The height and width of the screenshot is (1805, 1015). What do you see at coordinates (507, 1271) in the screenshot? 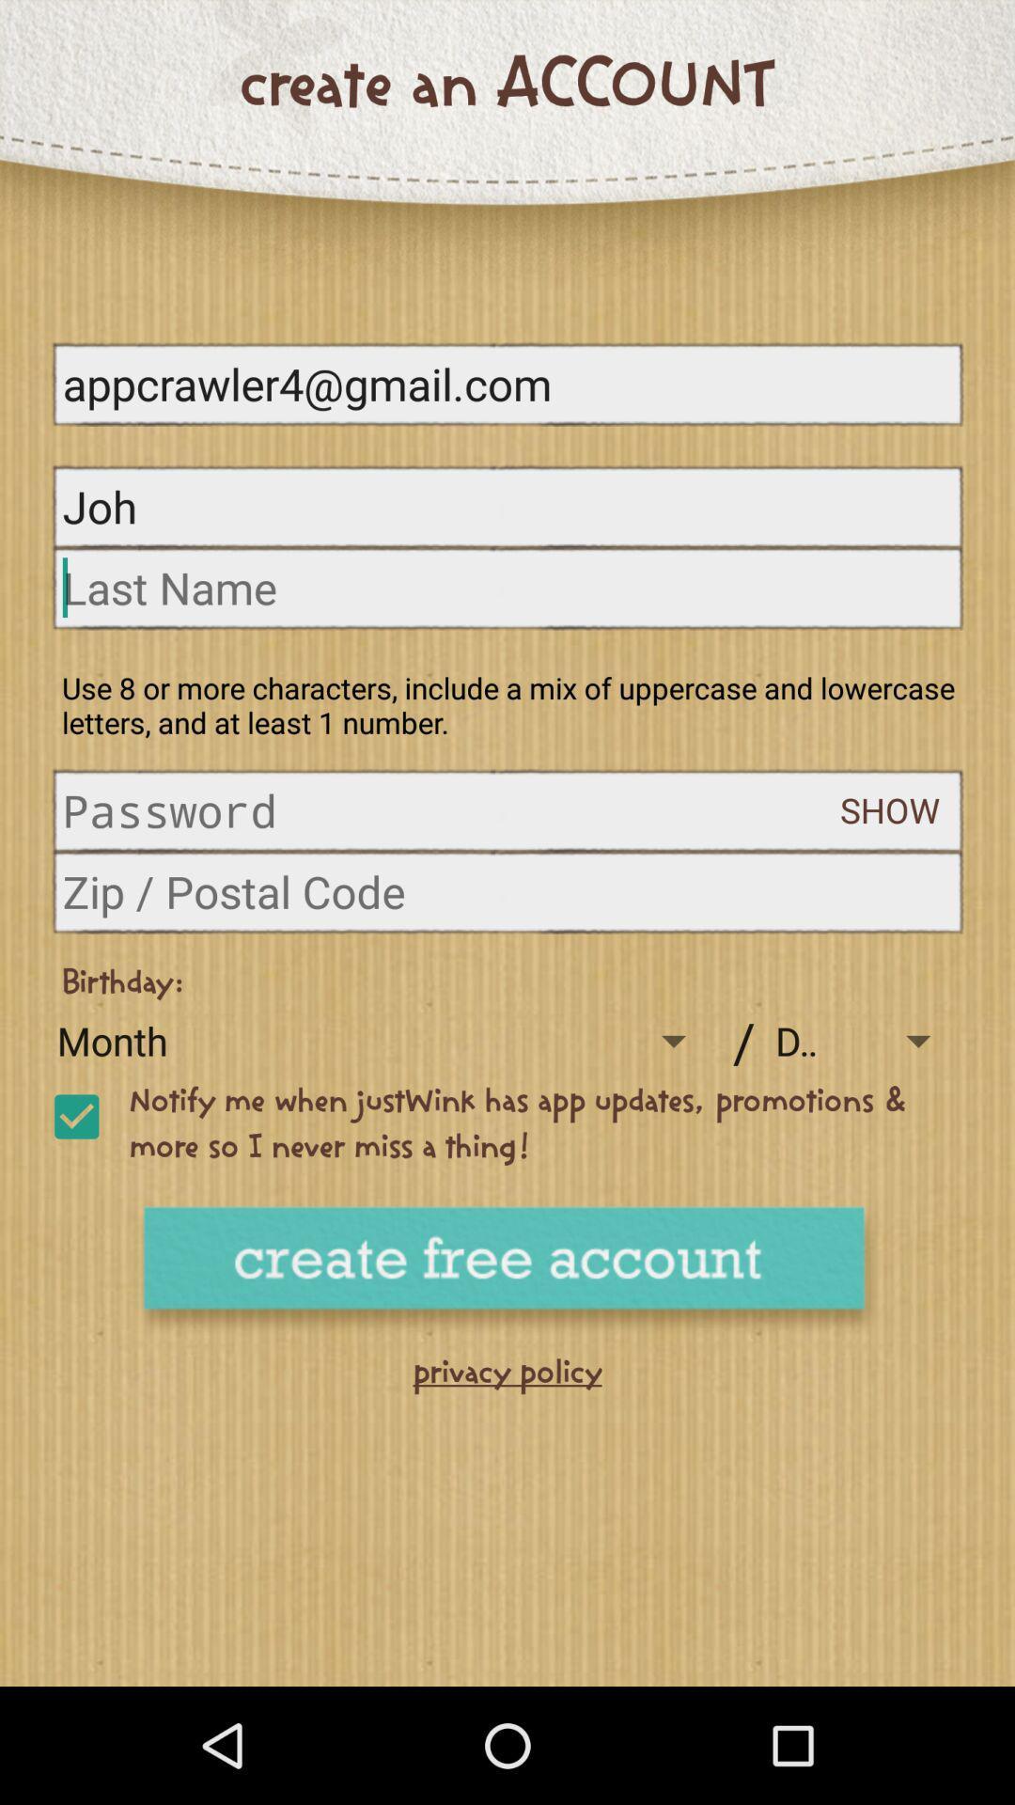
I see `new account` at bounding box center [507, 1271].